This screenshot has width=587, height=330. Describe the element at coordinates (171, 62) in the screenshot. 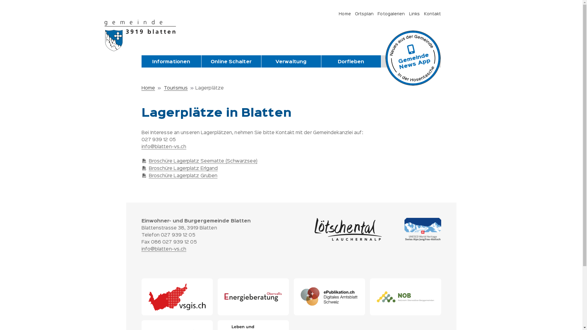

I see `'Informationen'` at that location.